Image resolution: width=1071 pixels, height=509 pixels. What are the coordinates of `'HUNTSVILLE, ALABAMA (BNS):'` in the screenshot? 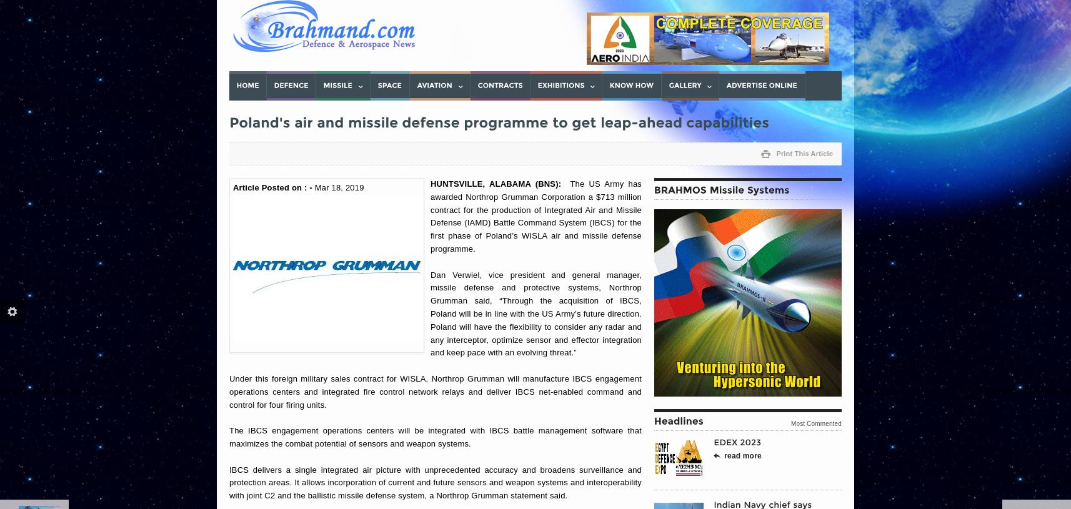 It's located at (500, 183).